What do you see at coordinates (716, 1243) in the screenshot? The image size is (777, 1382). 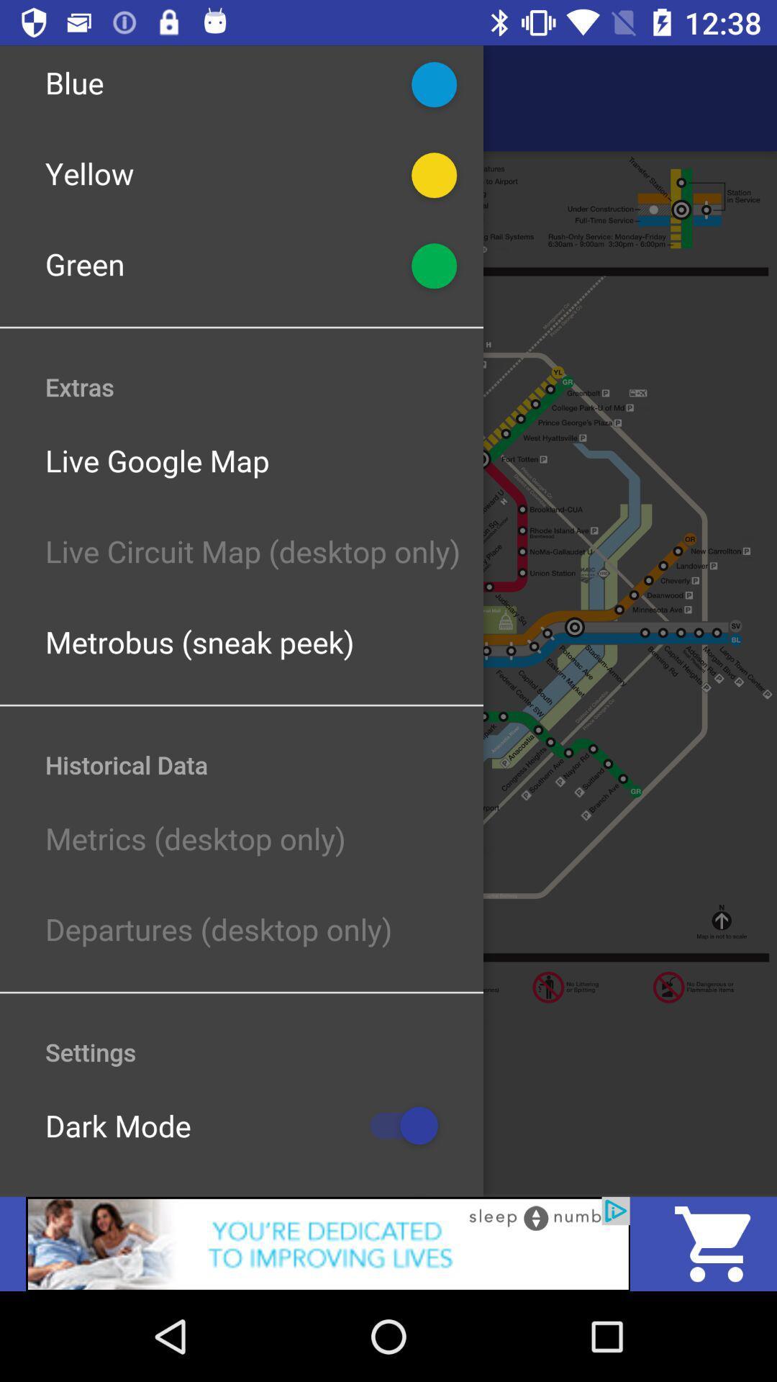 I see `the cart icon` at bounding box center [716, 1243].